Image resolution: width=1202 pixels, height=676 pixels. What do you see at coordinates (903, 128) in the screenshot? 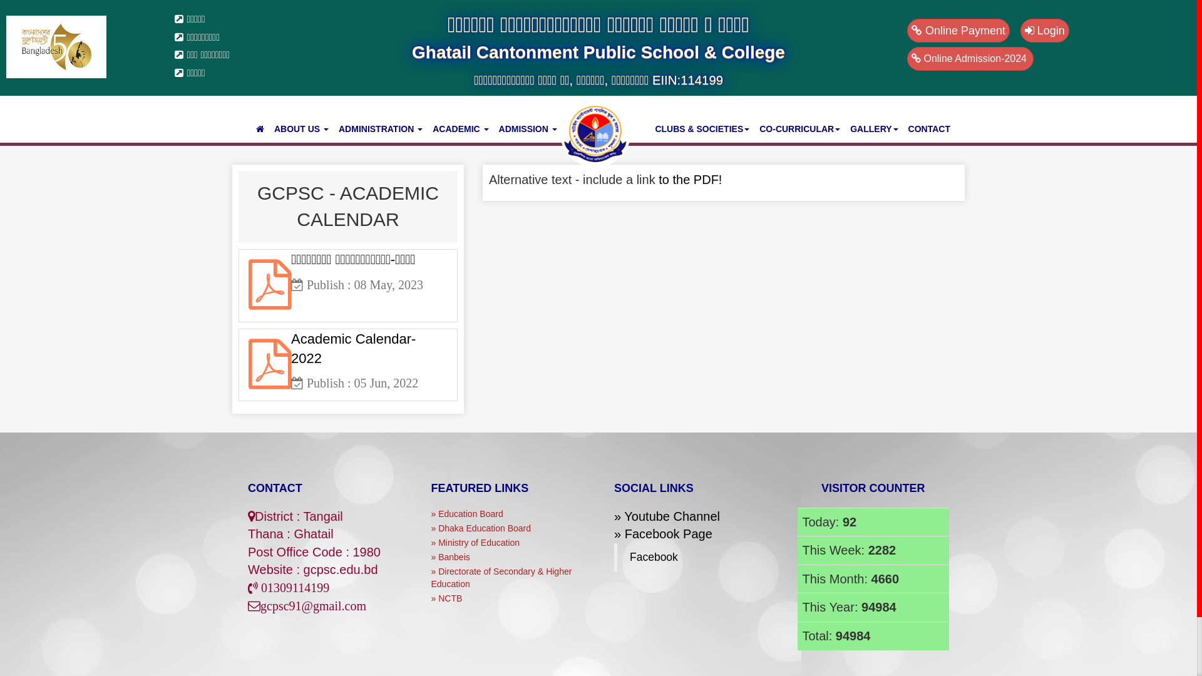
I see `'CONTACT'` at bounding box center [903, 128].